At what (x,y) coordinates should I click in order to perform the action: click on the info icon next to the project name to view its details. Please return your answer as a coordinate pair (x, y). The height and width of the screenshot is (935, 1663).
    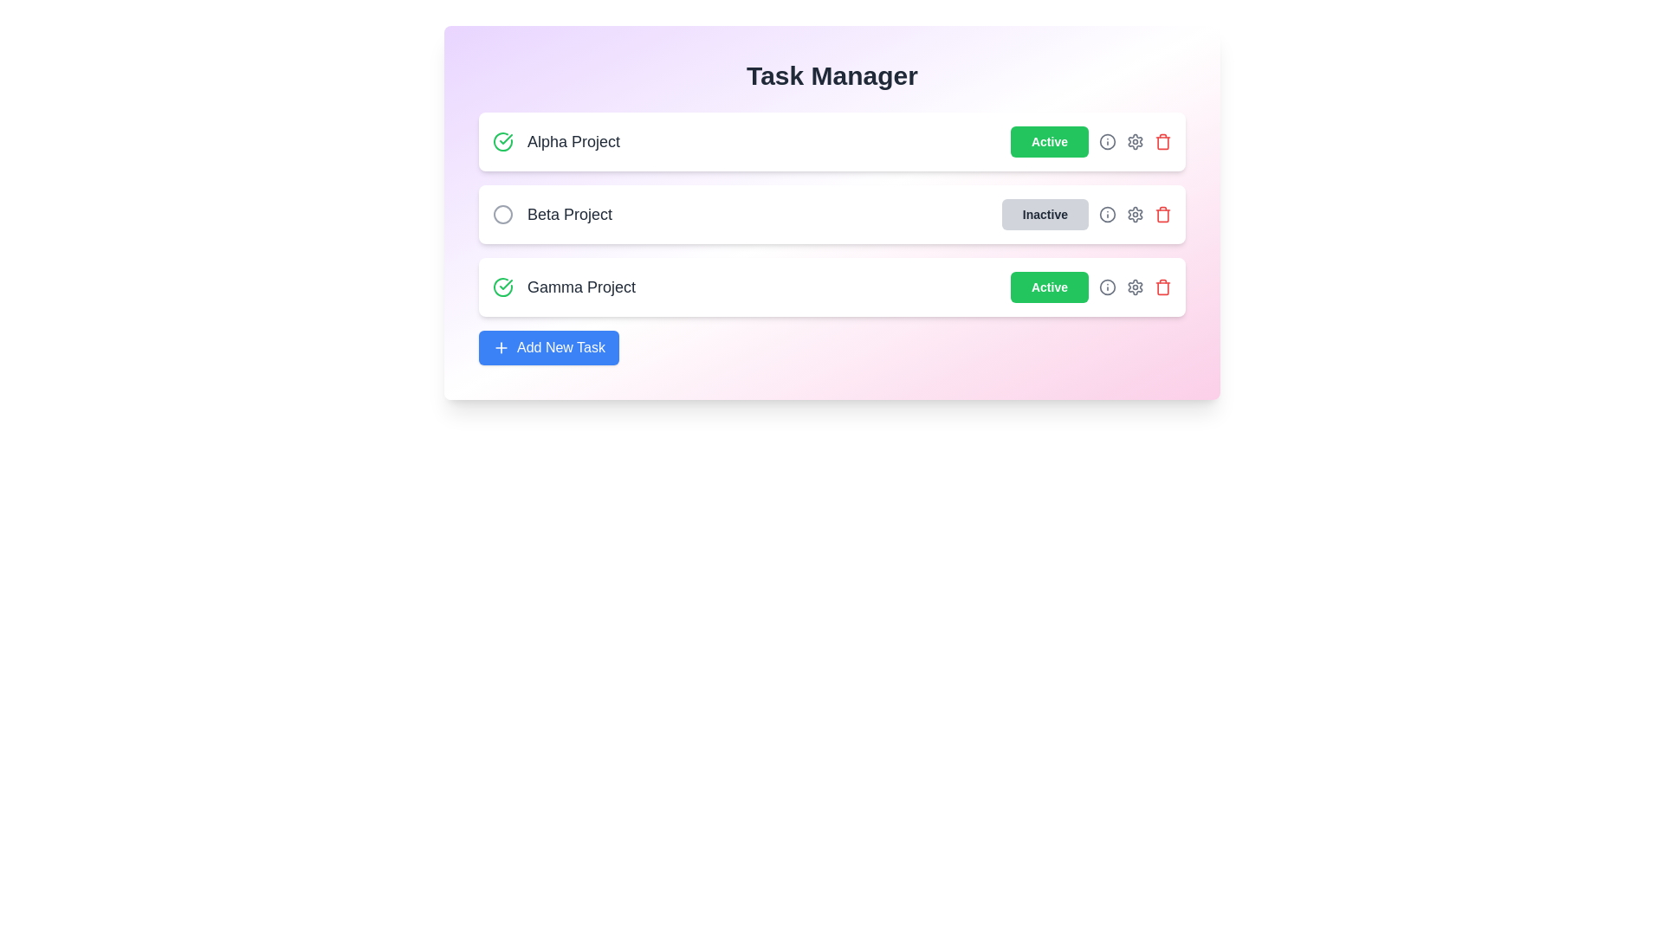
    Looking at the image, I should click on (1106, 141).